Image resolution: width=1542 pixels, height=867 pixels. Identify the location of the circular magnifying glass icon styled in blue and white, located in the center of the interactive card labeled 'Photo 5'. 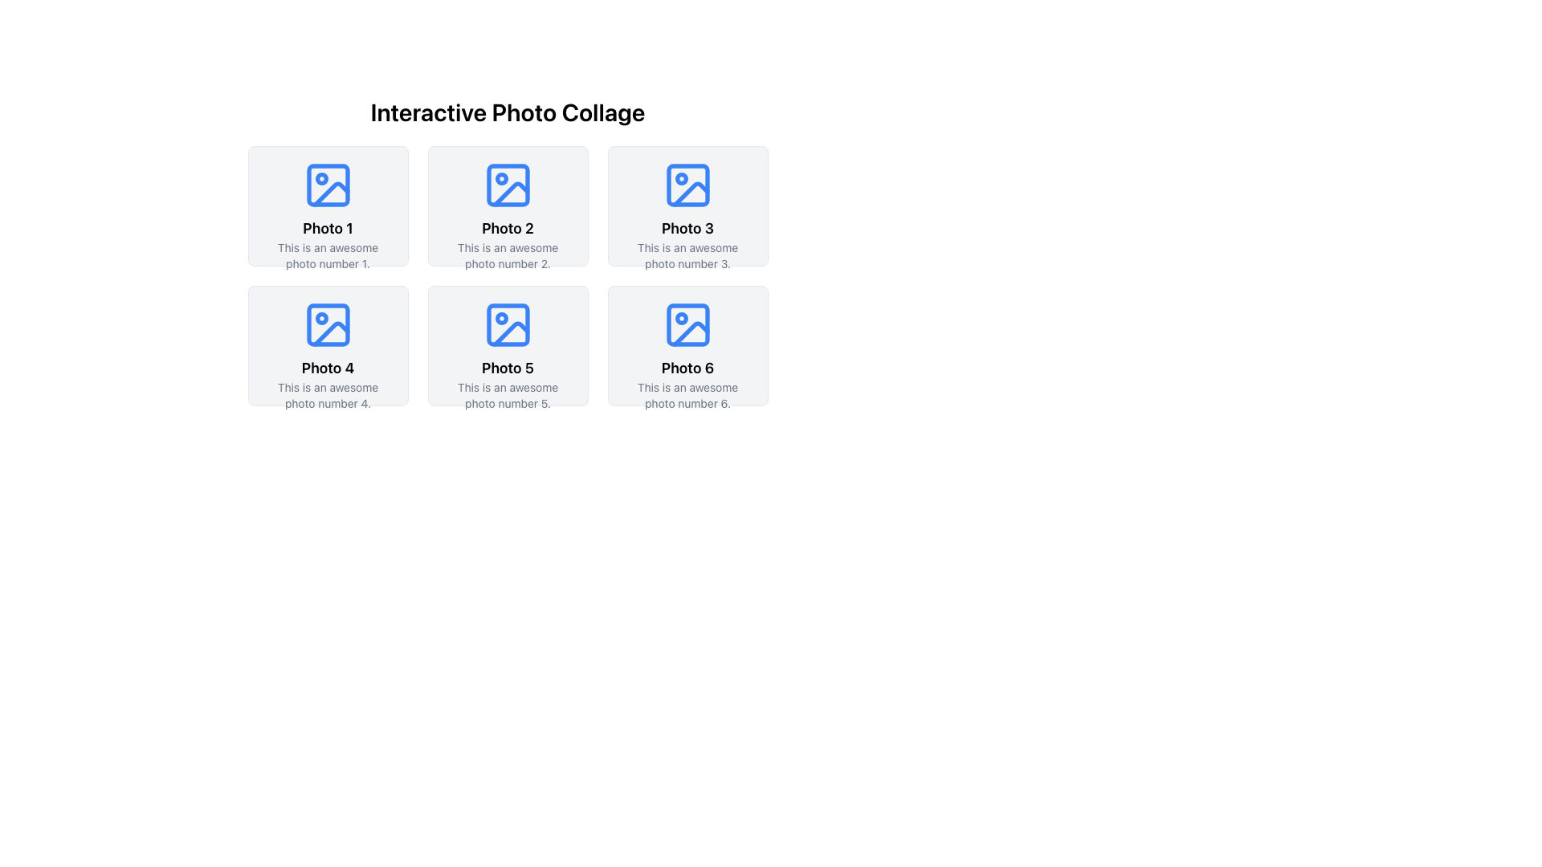
(507, 345).